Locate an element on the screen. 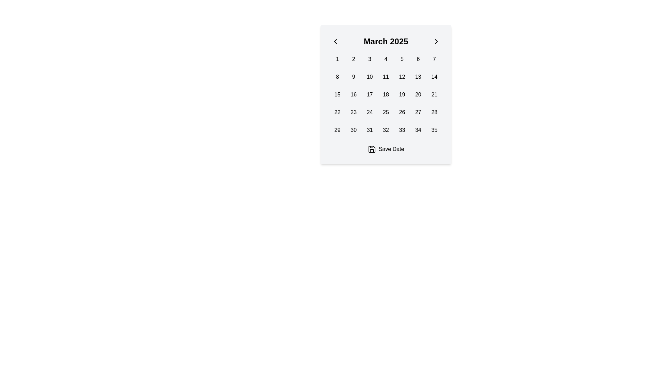  the button displaying the number '20' in black text on a light gray background located in the third row, sixth column of the calendar panel titled 'March 2025' to change its background color is located at coordinates (418, 94).